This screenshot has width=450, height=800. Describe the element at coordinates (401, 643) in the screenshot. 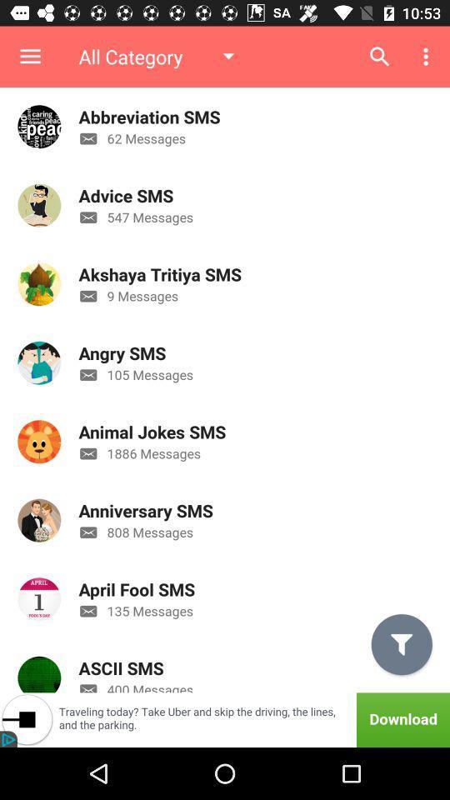

I see `the filter icon` at that location.